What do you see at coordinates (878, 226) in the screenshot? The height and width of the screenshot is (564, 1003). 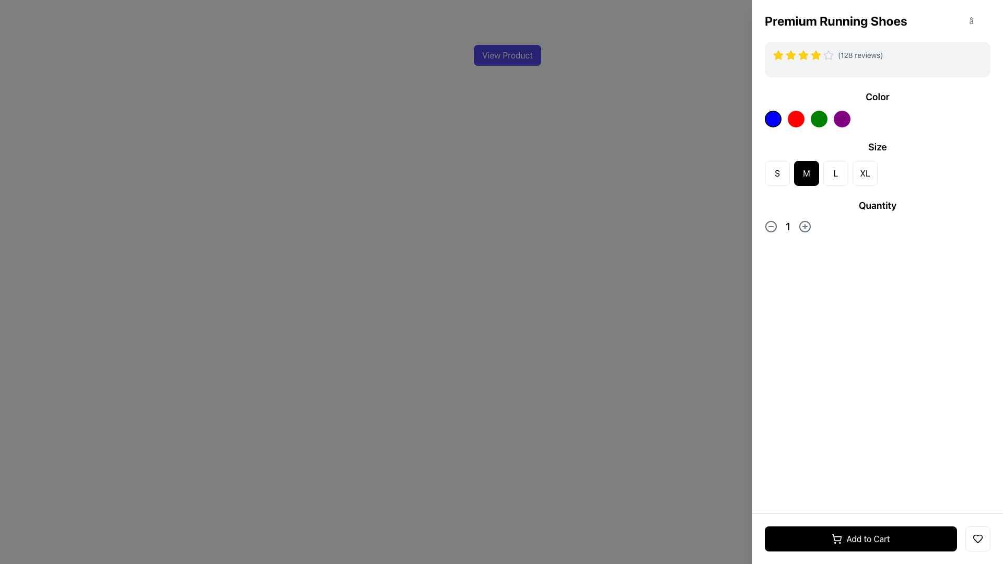 I see `the current quantity value displayed in the 'Quantity' section, located between the '-' and '+' icons` at bounding box center [878, 226].